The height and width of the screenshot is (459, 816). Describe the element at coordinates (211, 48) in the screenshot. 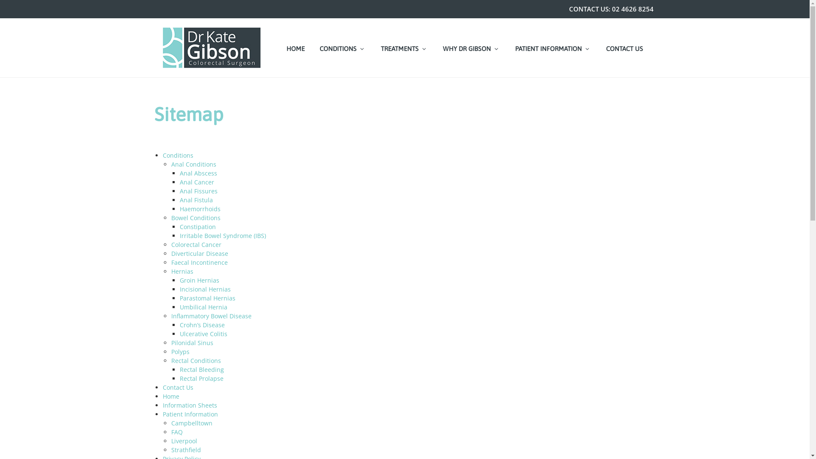

I see `'Dr Kate Gibson'` at that location.